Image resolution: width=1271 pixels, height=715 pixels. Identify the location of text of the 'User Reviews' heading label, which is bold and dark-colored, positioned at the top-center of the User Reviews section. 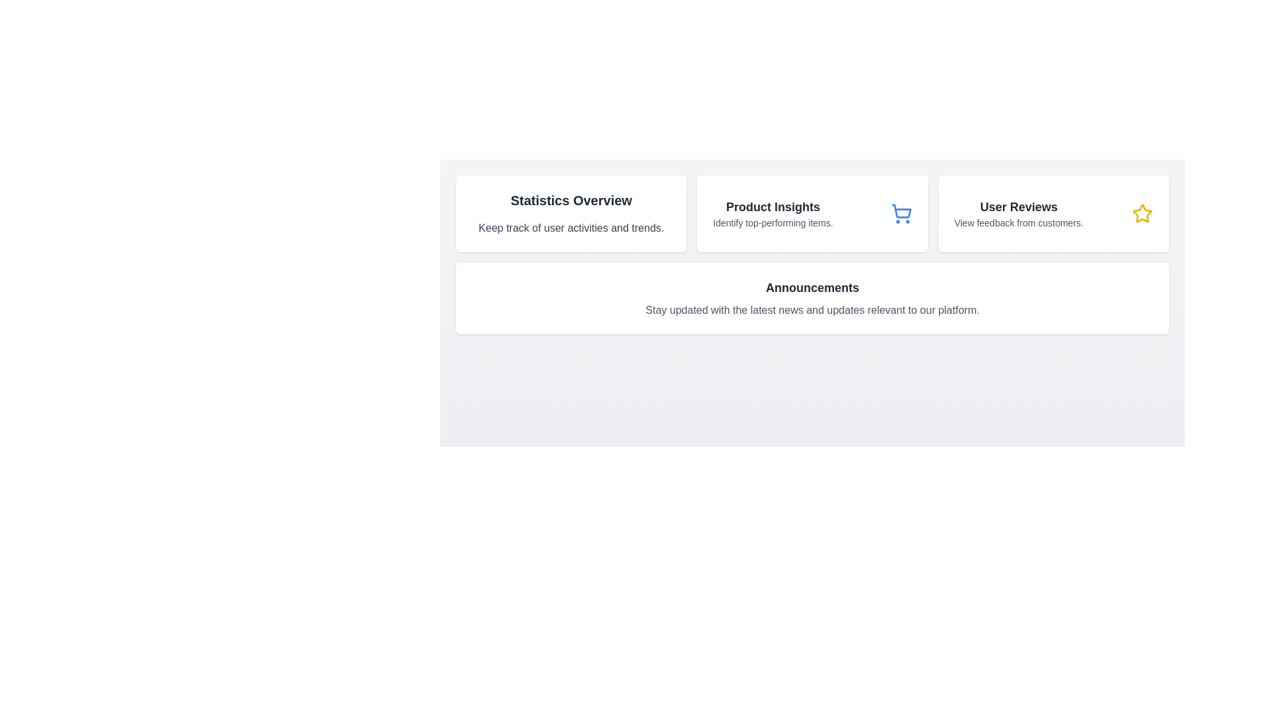
(1018, 207).